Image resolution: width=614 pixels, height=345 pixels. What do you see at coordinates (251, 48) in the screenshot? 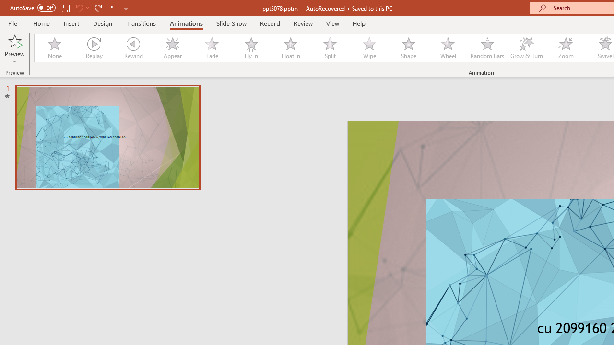
I see `'Fly In'` at bounding box center [251, 48].